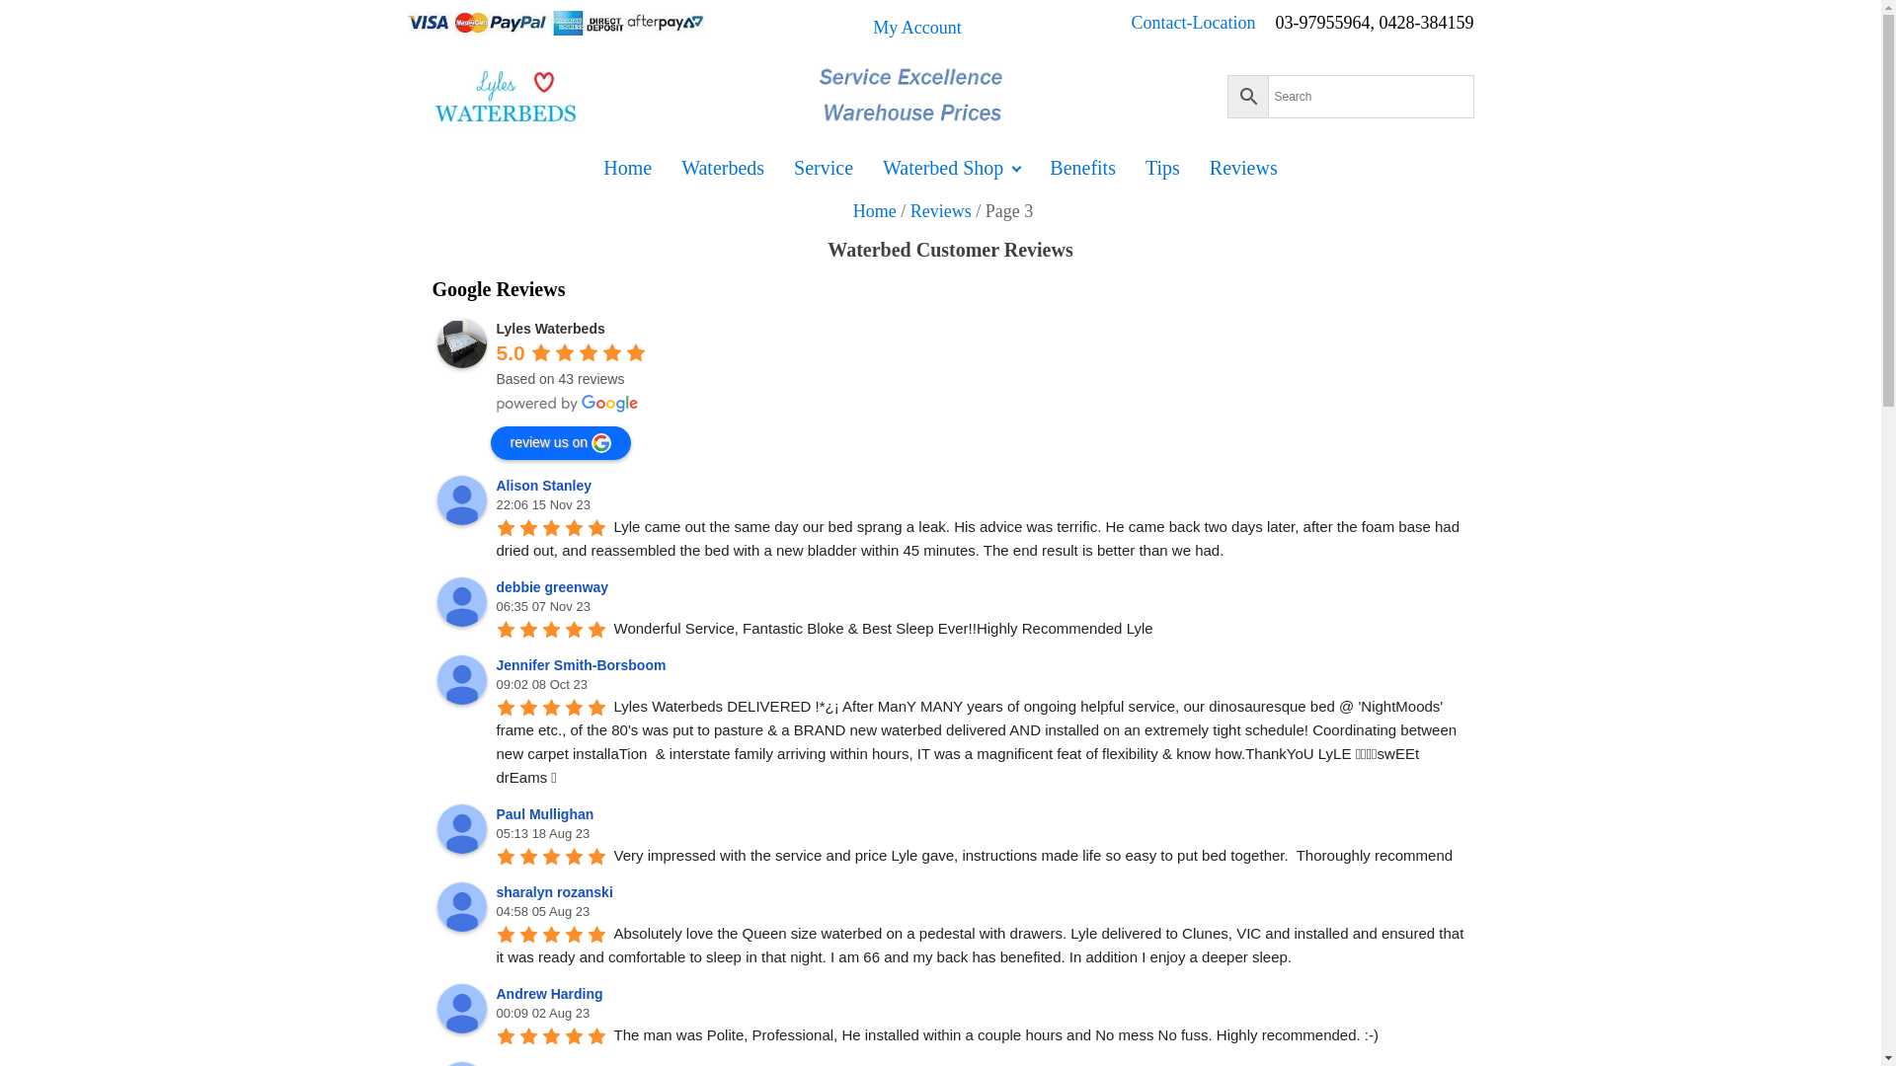  Describe the element at coordinates (545, 486) in the screenshot. I see `'Alison Stanley'` at that location.